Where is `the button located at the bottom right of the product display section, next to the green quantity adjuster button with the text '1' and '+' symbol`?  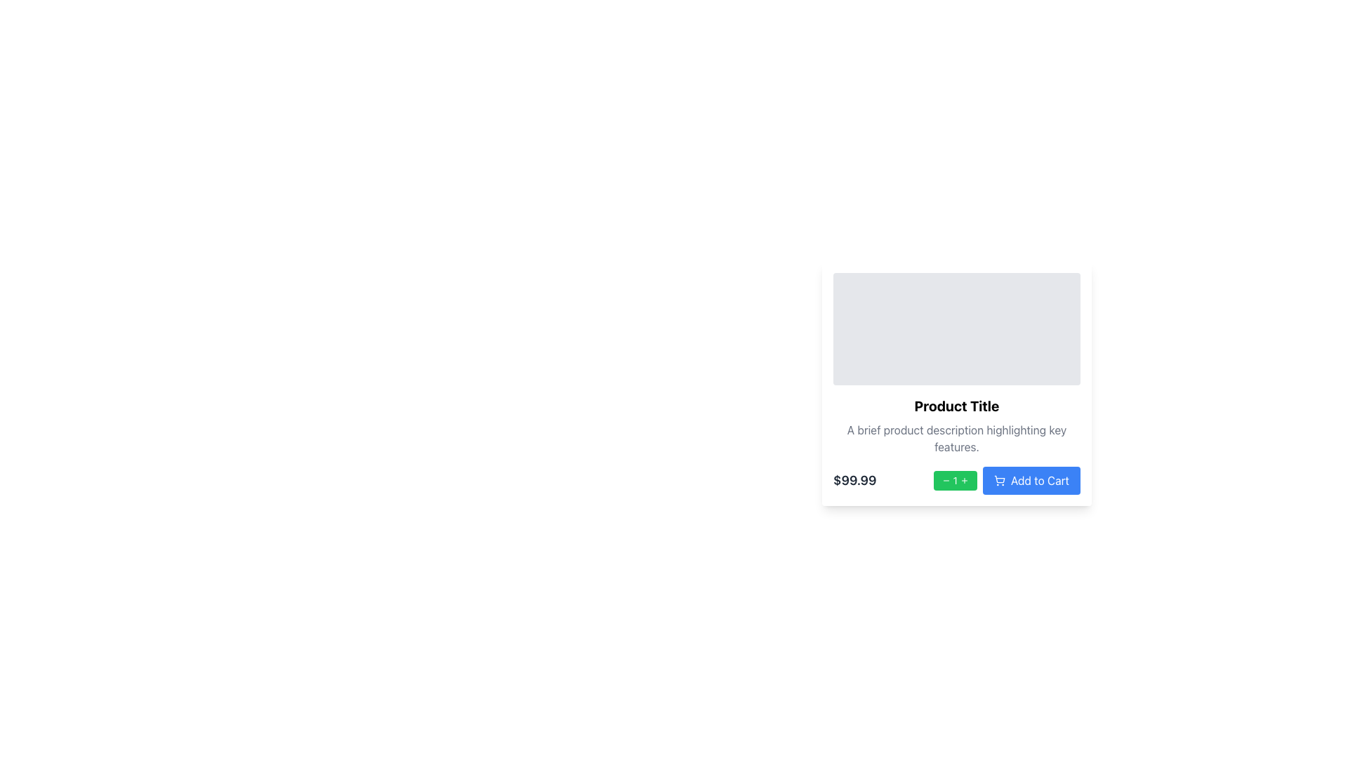
the button located at the bottom right of the product display section, next to the green quantity adjuster button with the text '1' and '+' symbol is located at coordinates (1031, 480).